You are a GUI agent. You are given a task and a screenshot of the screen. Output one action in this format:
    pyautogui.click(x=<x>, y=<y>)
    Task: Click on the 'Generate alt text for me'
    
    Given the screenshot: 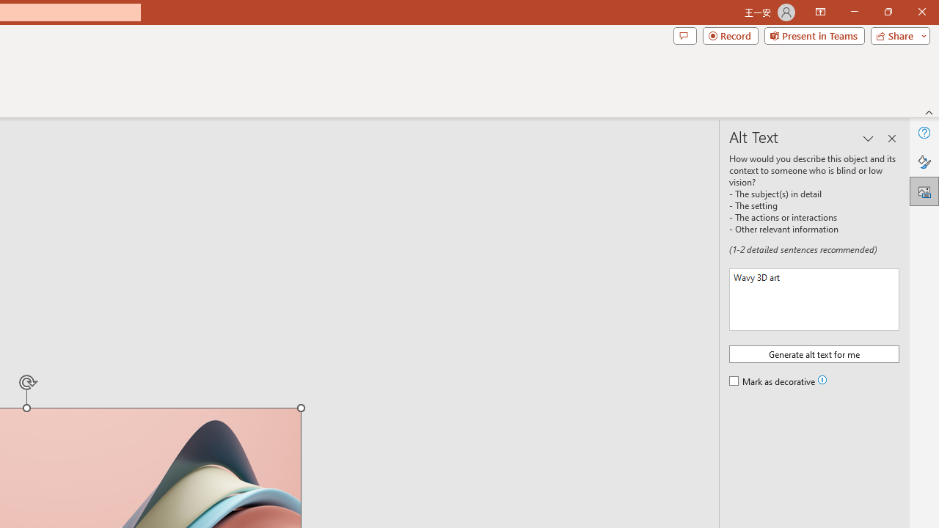 What is the action you would take?
    pyautogui.click(x=814, y=354)
    